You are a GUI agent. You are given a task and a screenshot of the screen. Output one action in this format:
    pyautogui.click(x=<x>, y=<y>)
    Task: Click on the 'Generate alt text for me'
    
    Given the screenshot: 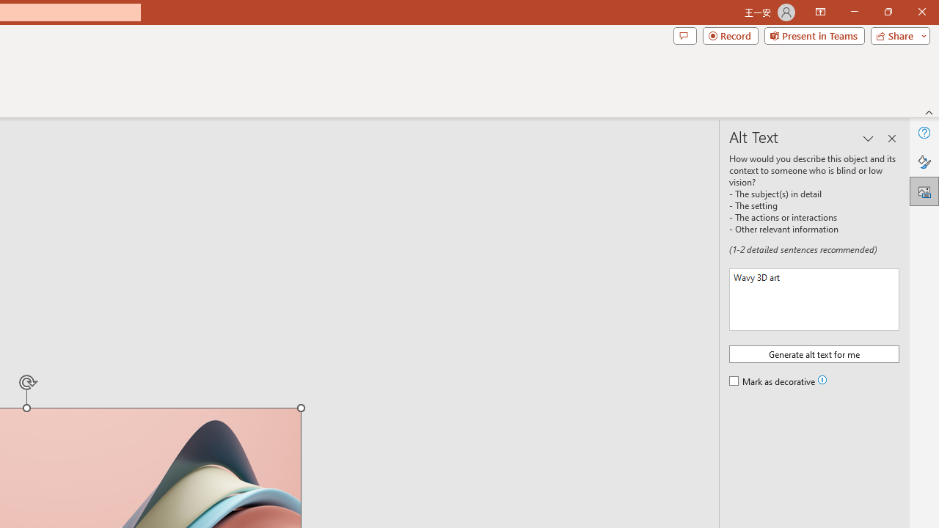 What is the action you would take?
    pyautogui.click(x=814, y=354)
    